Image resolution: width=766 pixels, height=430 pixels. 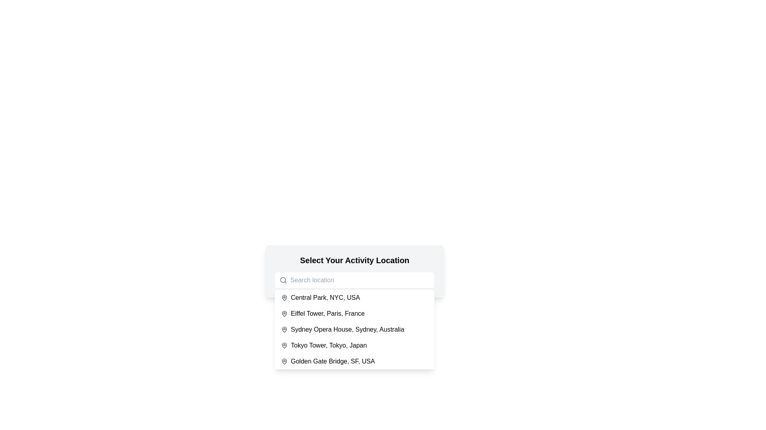 I want to click on the location pin icon representing 'Central Park, NYC, USA' within the dropdown menu under 'Search location', so click(x=284, y=297).